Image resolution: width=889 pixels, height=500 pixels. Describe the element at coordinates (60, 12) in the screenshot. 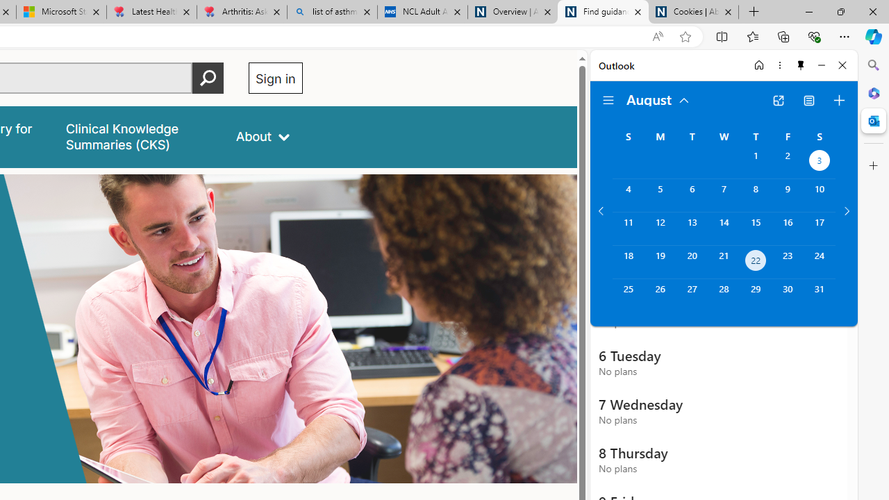

I see `'Microsoft Start'` at that location.